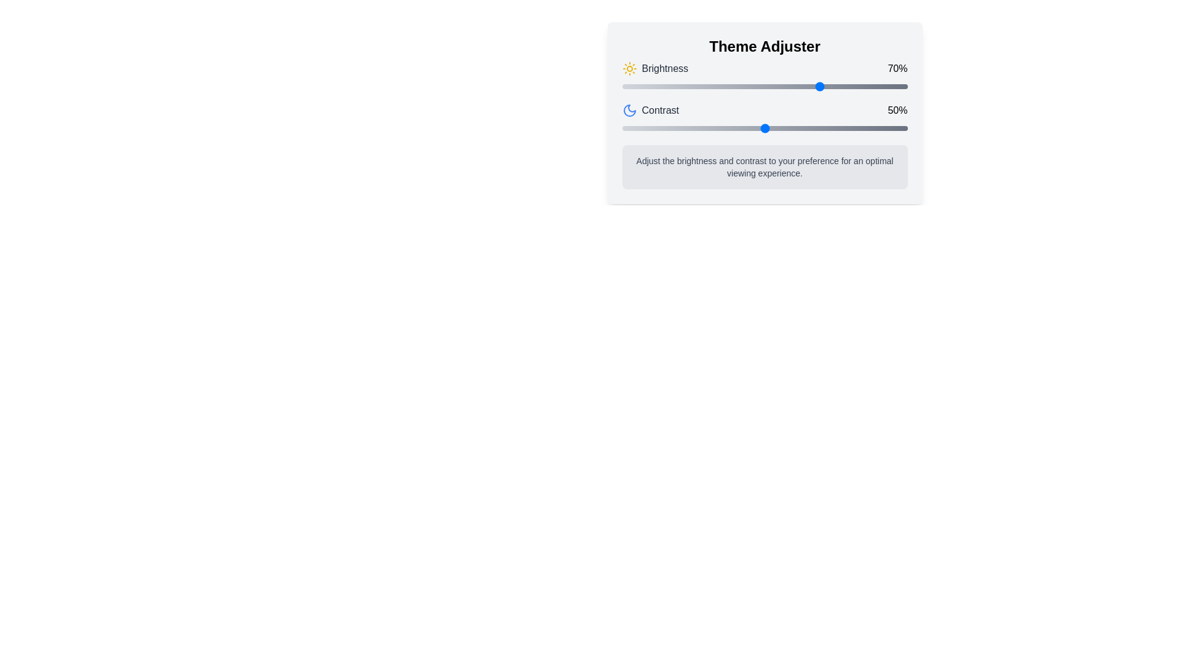  Describe the element at coordinates (897, 68) in the screenshot. I see `the Text label that indicates the current brightness level in percentage format, located at the top-right end of the 'Brightness' bar in the 'Theme Adjuster' interface` at that location.